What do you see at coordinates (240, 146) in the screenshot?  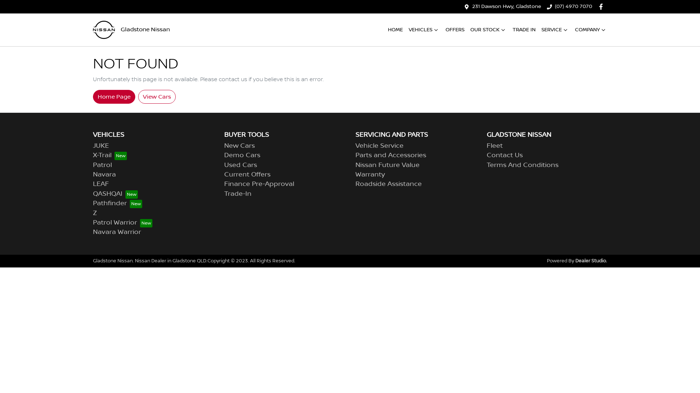 I see `'New Cars'` at bounding box center [240, 146].